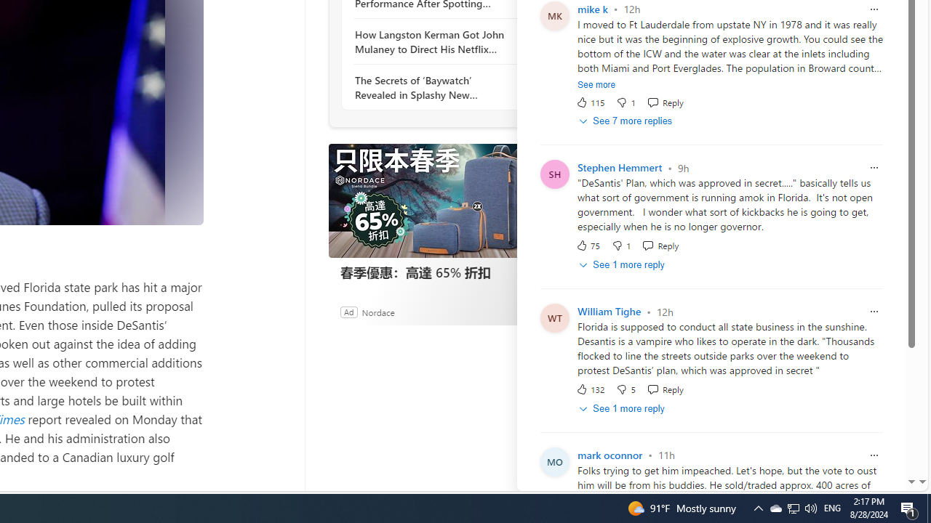 Image resolution: width=931 pixels, height=523 pixels. What do you see at coordinates (590, 389) in the screenshot?
I see `'132 Like'` at bounding box center [590, 389].